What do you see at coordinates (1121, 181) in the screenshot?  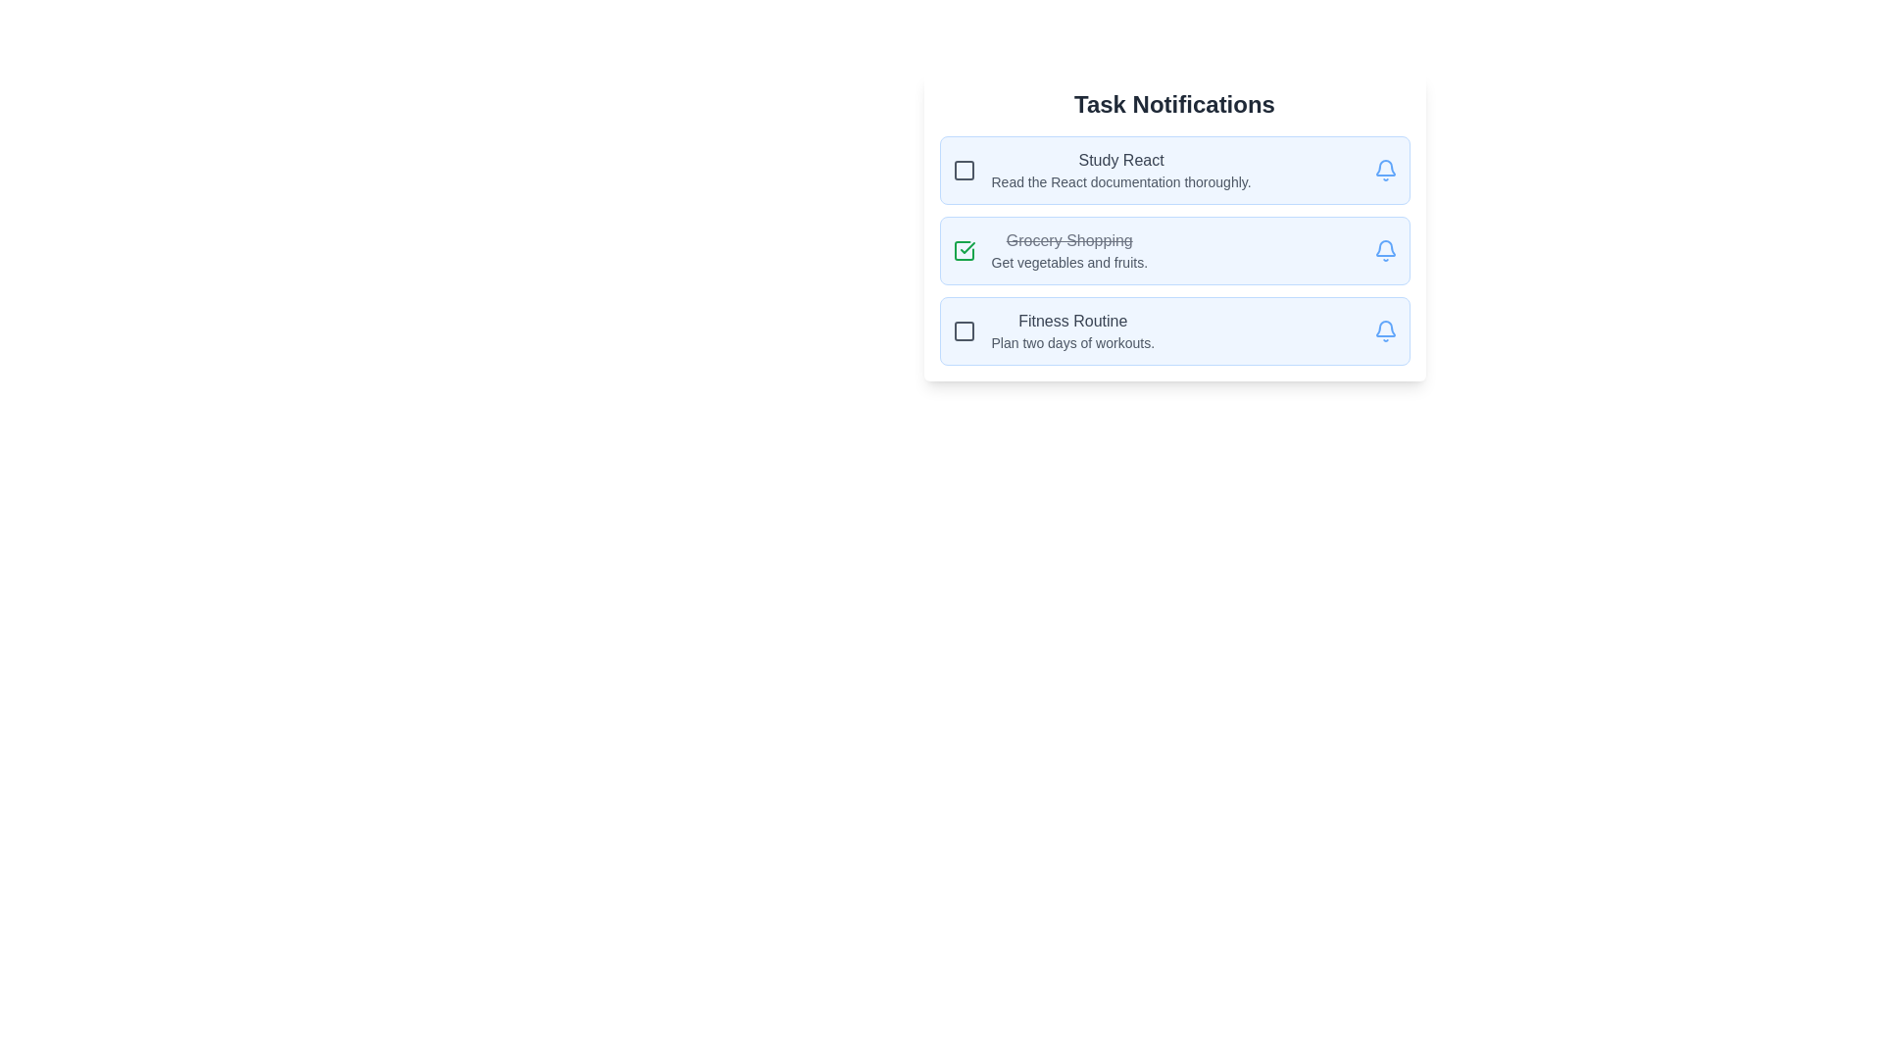 I see `the text element 'Read the React documentation thoroughly.' which is styled in a smaller gray font, located directly below 'Study React' in the first task card of the 'Task Notifications' list` at bounding box center [1121, 181].